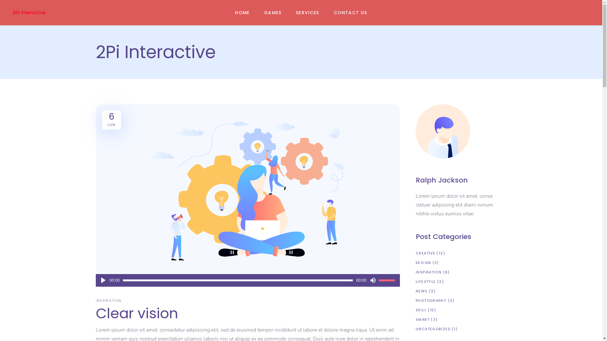 The image size is (607, 341). I want to click on 'SERVICES', so click(288, 12).